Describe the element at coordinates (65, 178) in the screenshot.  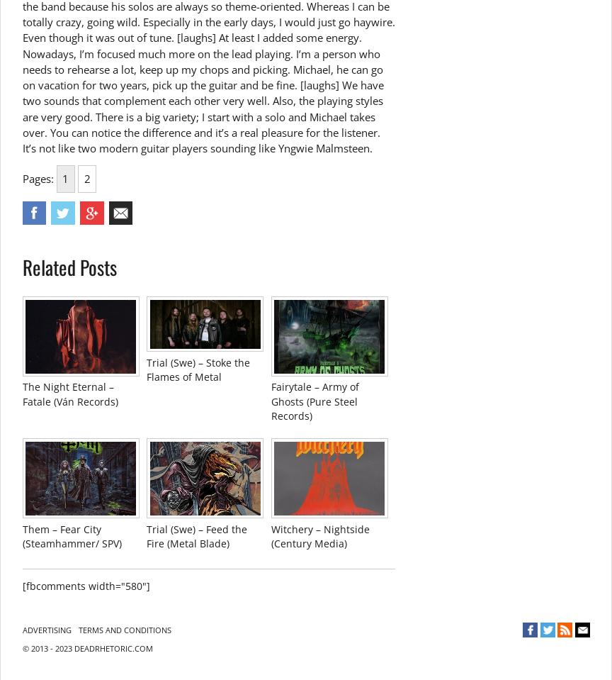
I see `'1'` at that location.